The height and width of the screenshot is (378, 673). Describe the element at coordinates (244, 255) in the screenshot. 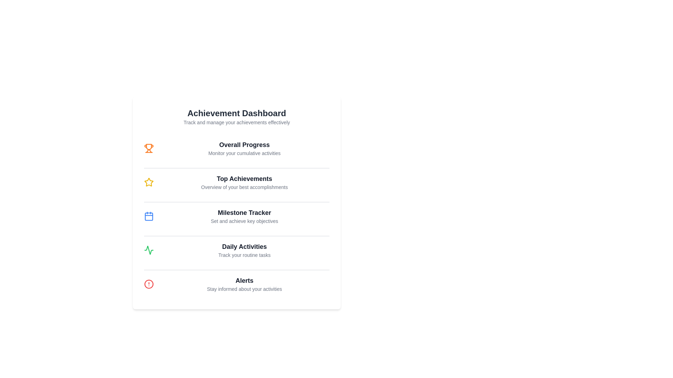

I see `the text label that says 'Track your routine tasks', which is styled in gray and positioned below the 'Daily Activities' header in the Achievement Dashboard section` at that location.